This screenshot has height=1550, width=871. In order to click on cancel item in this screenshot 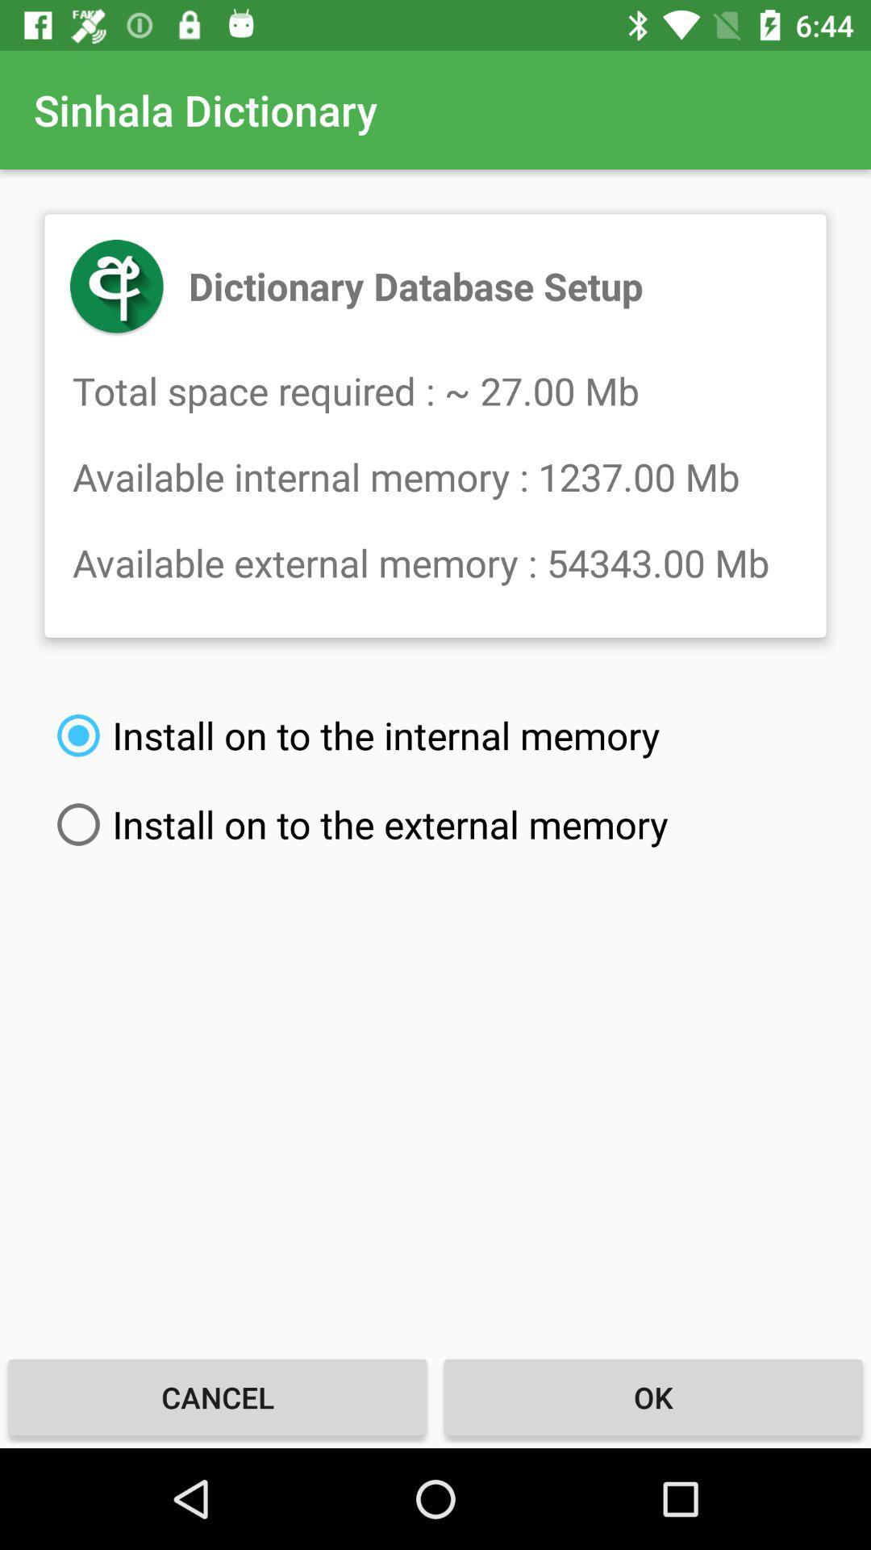, I will do `click(218, 1397)`.